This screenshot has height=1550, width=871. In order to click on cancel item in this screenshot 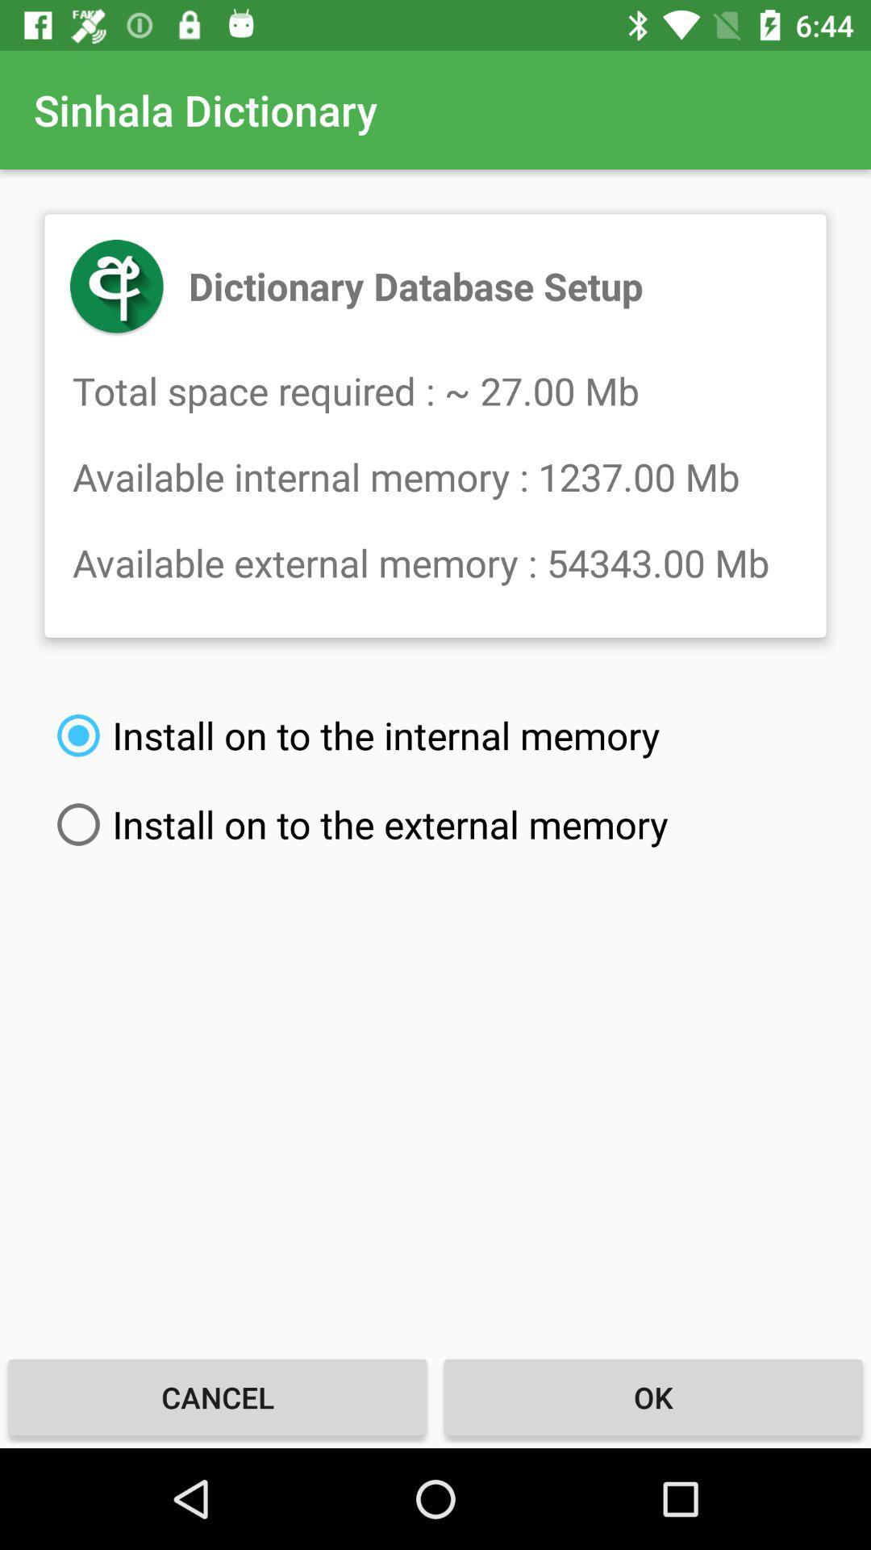, I will do `click(218, 1397)`.